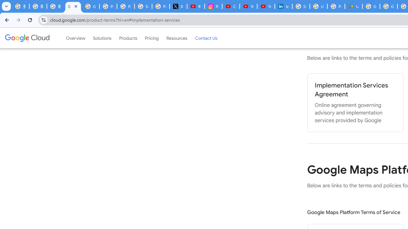 The width and height of the screenshot is (408, 229). I want to click on 'Last Shelter: Survival - Apps on Google Play', so click(353, 6).